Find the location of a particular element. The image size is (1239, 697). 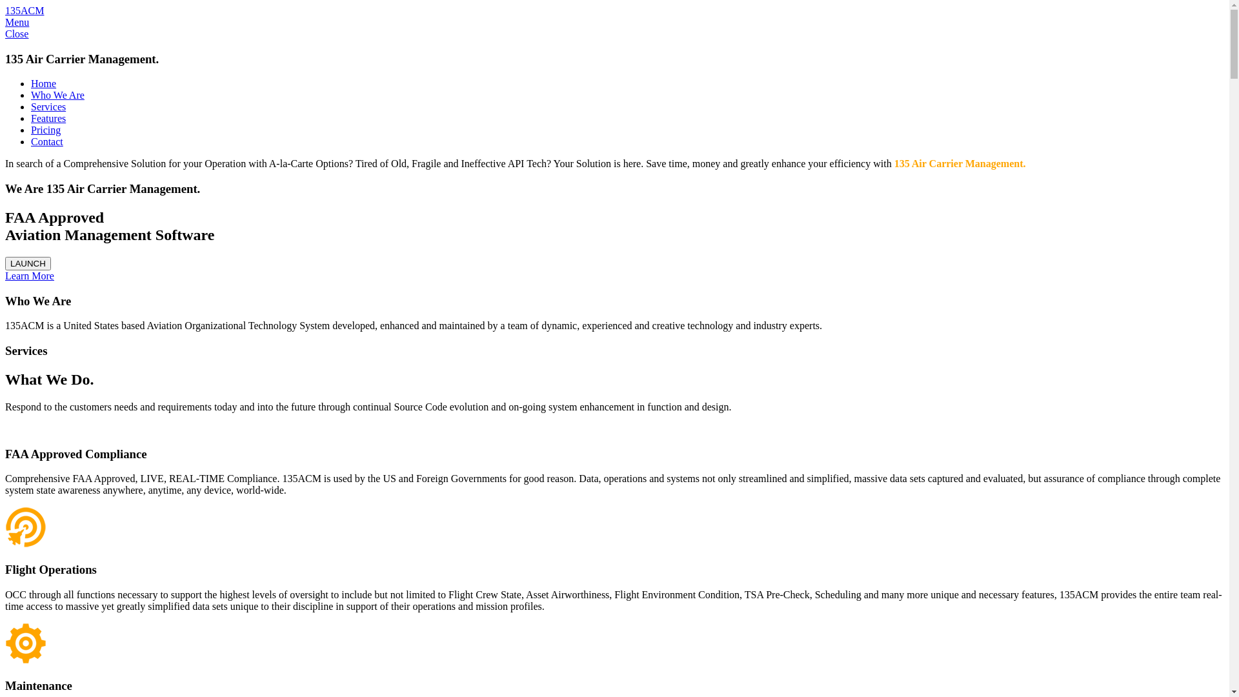

'Who We Are' is located at coordinates (57, 94).